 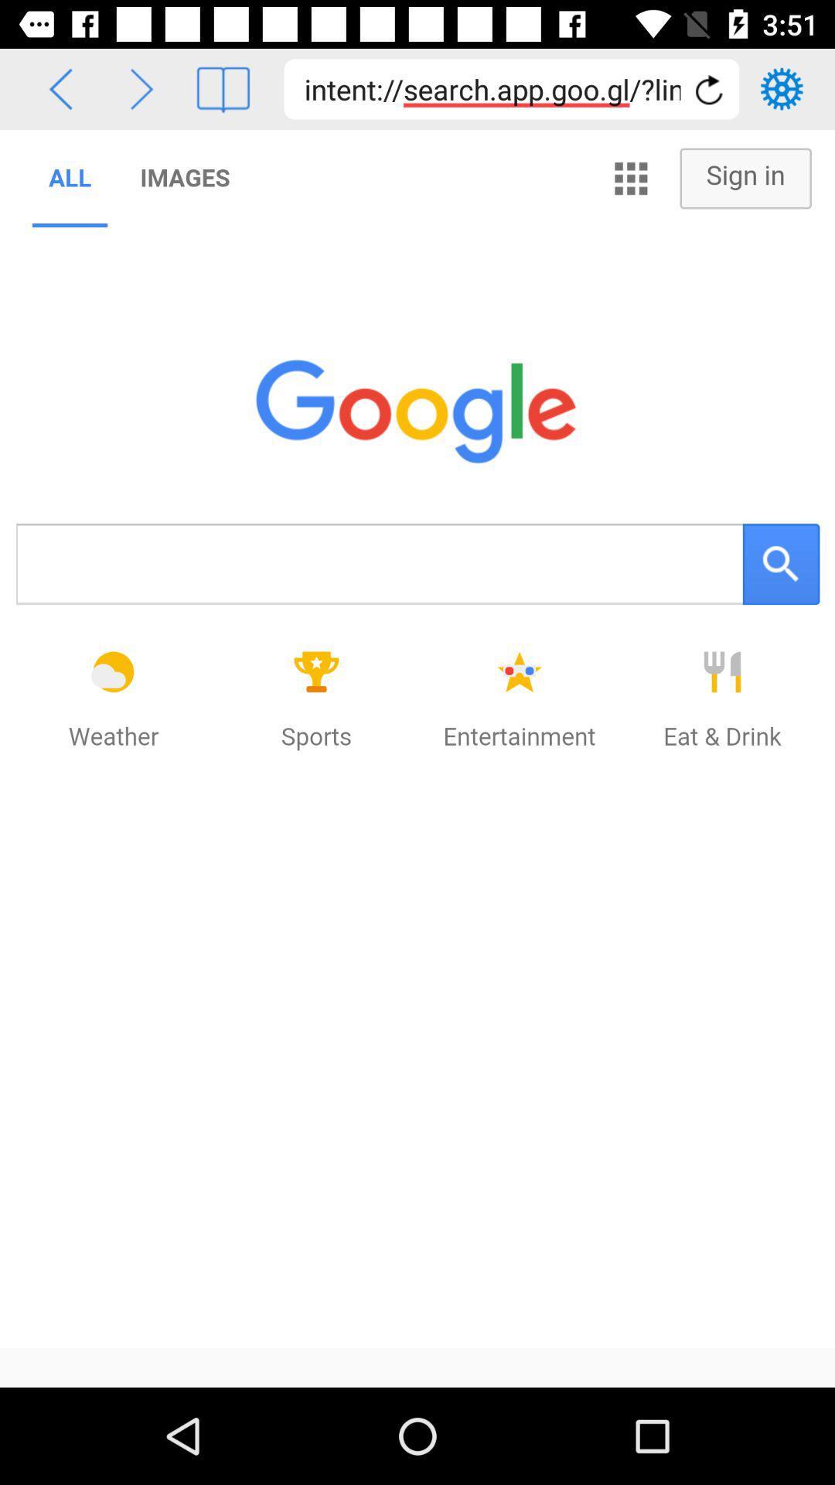 What do you see at coordinates (782, 88) in the screenshot?
I see `settings tool` at bounding box center [782, 88].